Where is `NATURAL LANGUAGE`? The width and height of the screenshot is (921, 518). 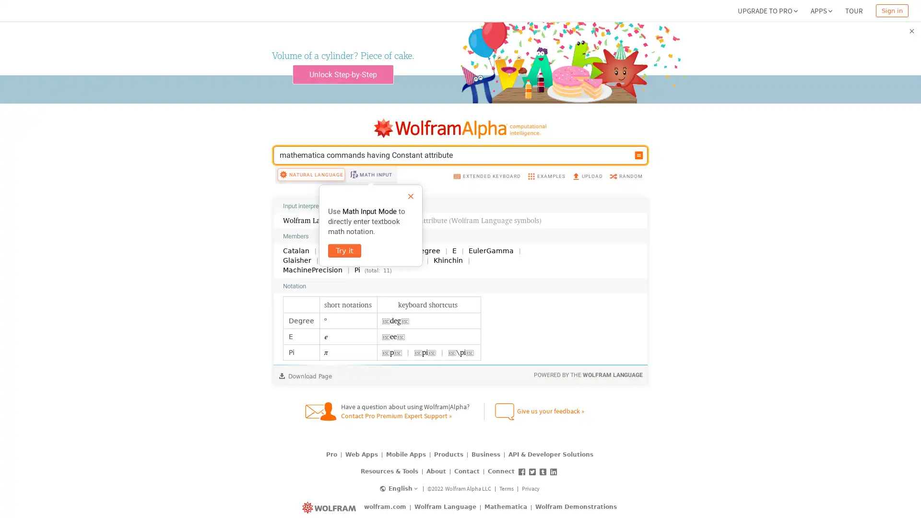
NATURAL LANGUAGE is located at coordinates (311, 193).